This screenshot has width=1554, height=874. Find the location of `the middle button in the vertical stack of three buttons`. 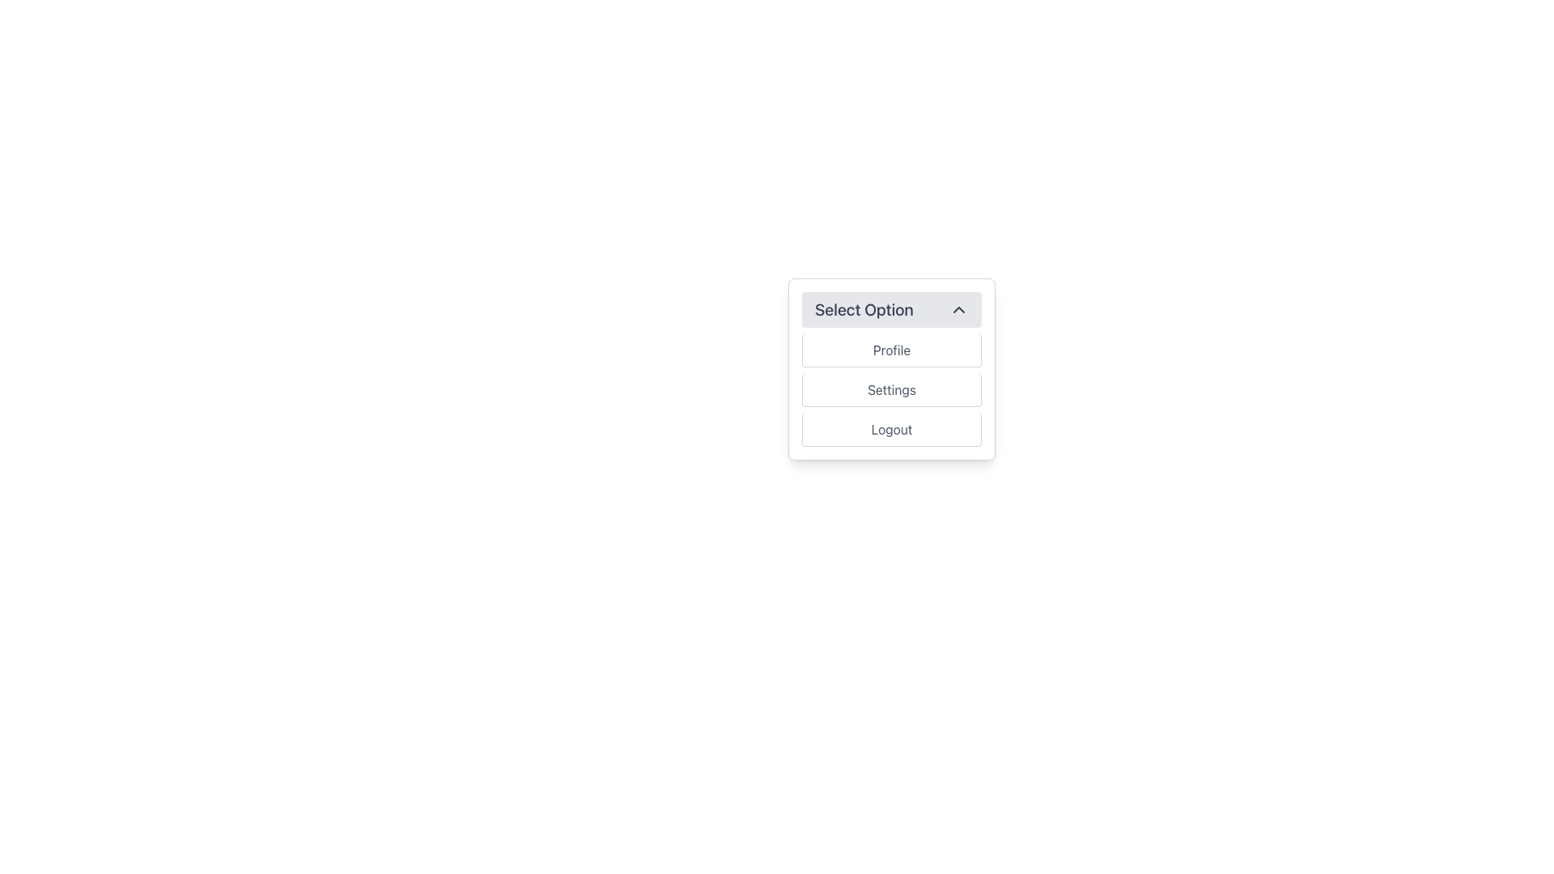

the middle button in the vertical stack of three buttons is located at coordinates (891, 390).